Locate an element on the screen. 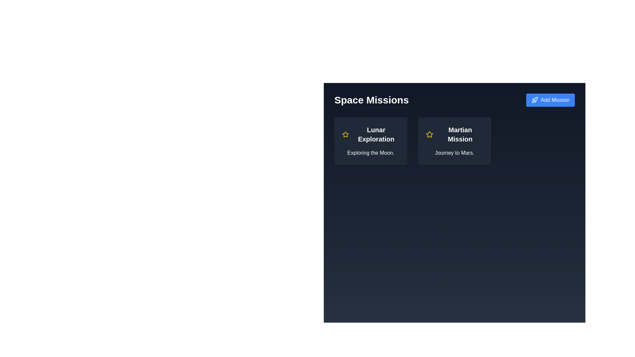 This screenshot has height=357, width=635. the card section containing the text 'Martian Mission' in bold white font is located at coordinates (454, 141).